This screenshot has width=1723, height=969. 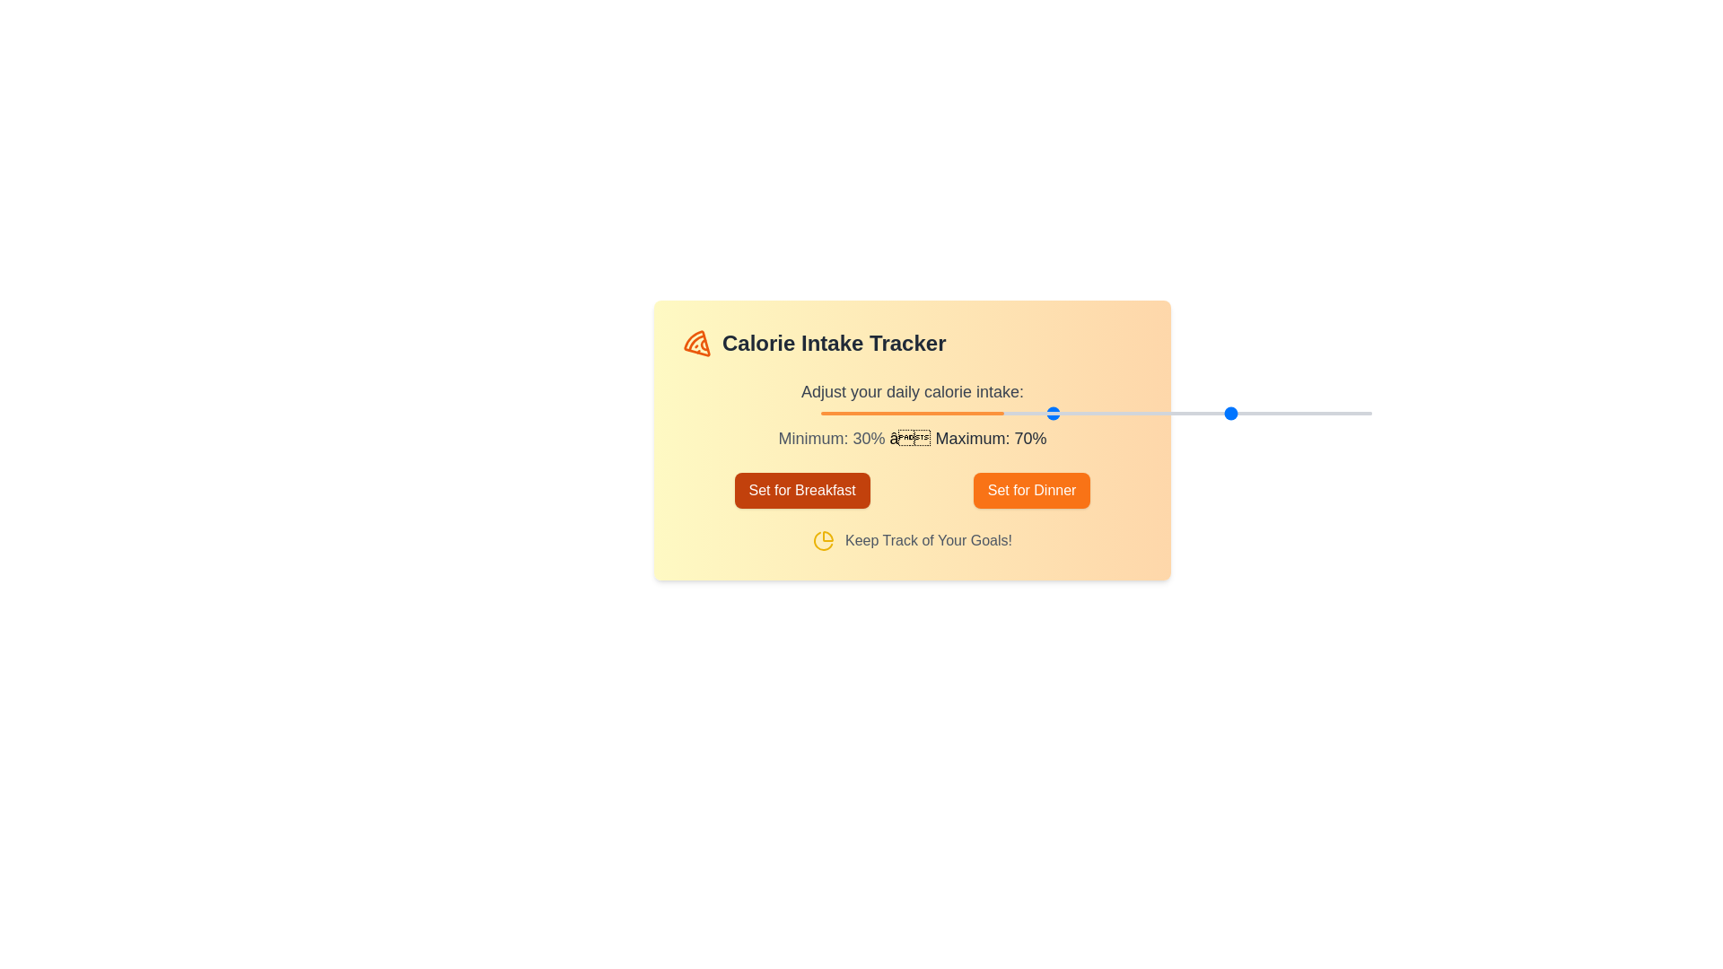 I want to click on the pizza slice icon element, which is a bright orange vector graphic located in the top-left corner of the interface, so click(x=696, y=343).